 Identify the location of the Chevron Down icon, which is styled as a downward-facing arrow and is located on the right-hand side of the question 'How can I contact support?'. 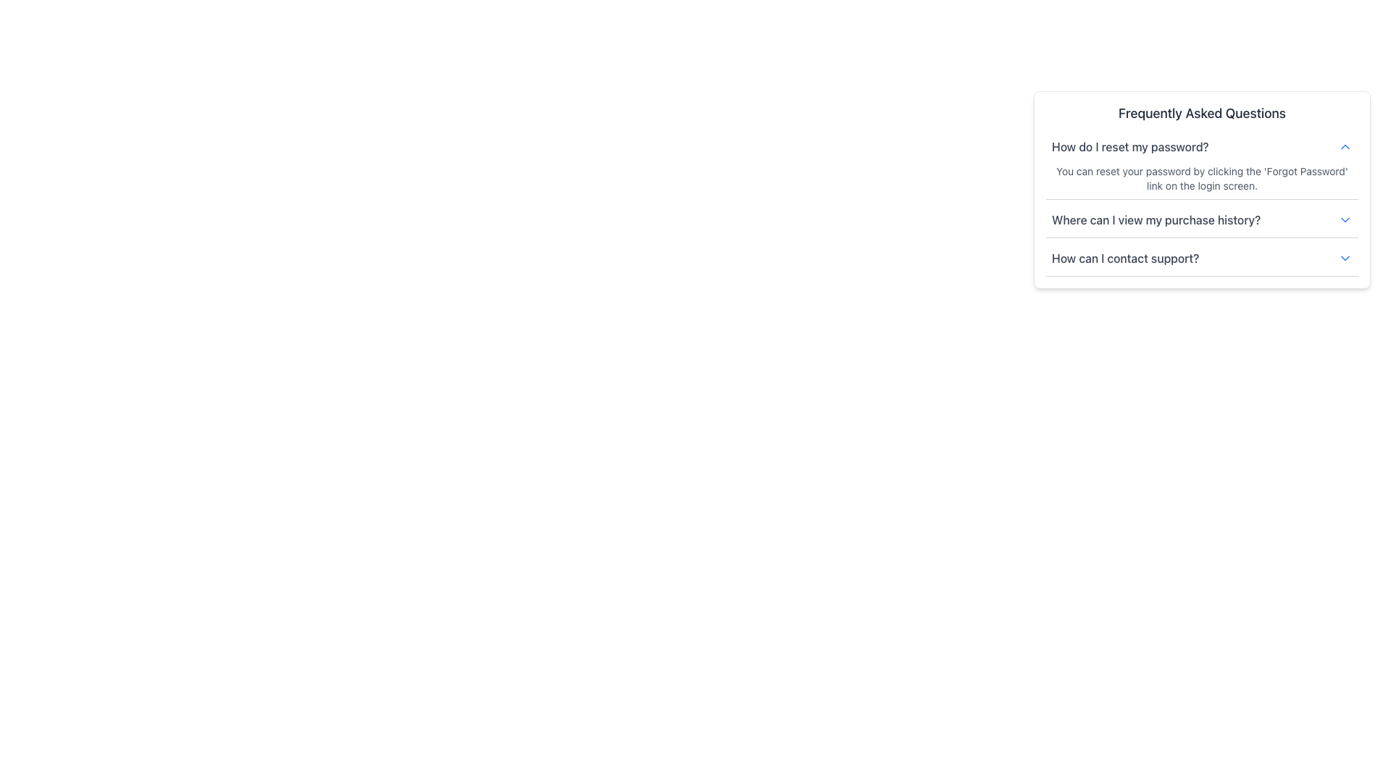
(1345, 258).